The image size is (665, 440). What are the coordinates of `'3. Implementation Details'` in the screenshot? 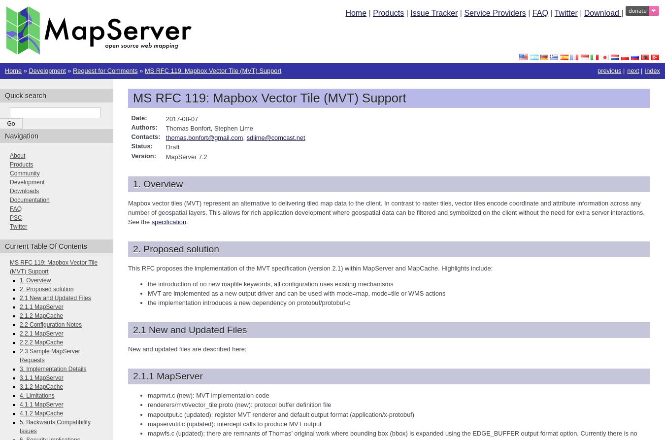 It's located at (52, 368).